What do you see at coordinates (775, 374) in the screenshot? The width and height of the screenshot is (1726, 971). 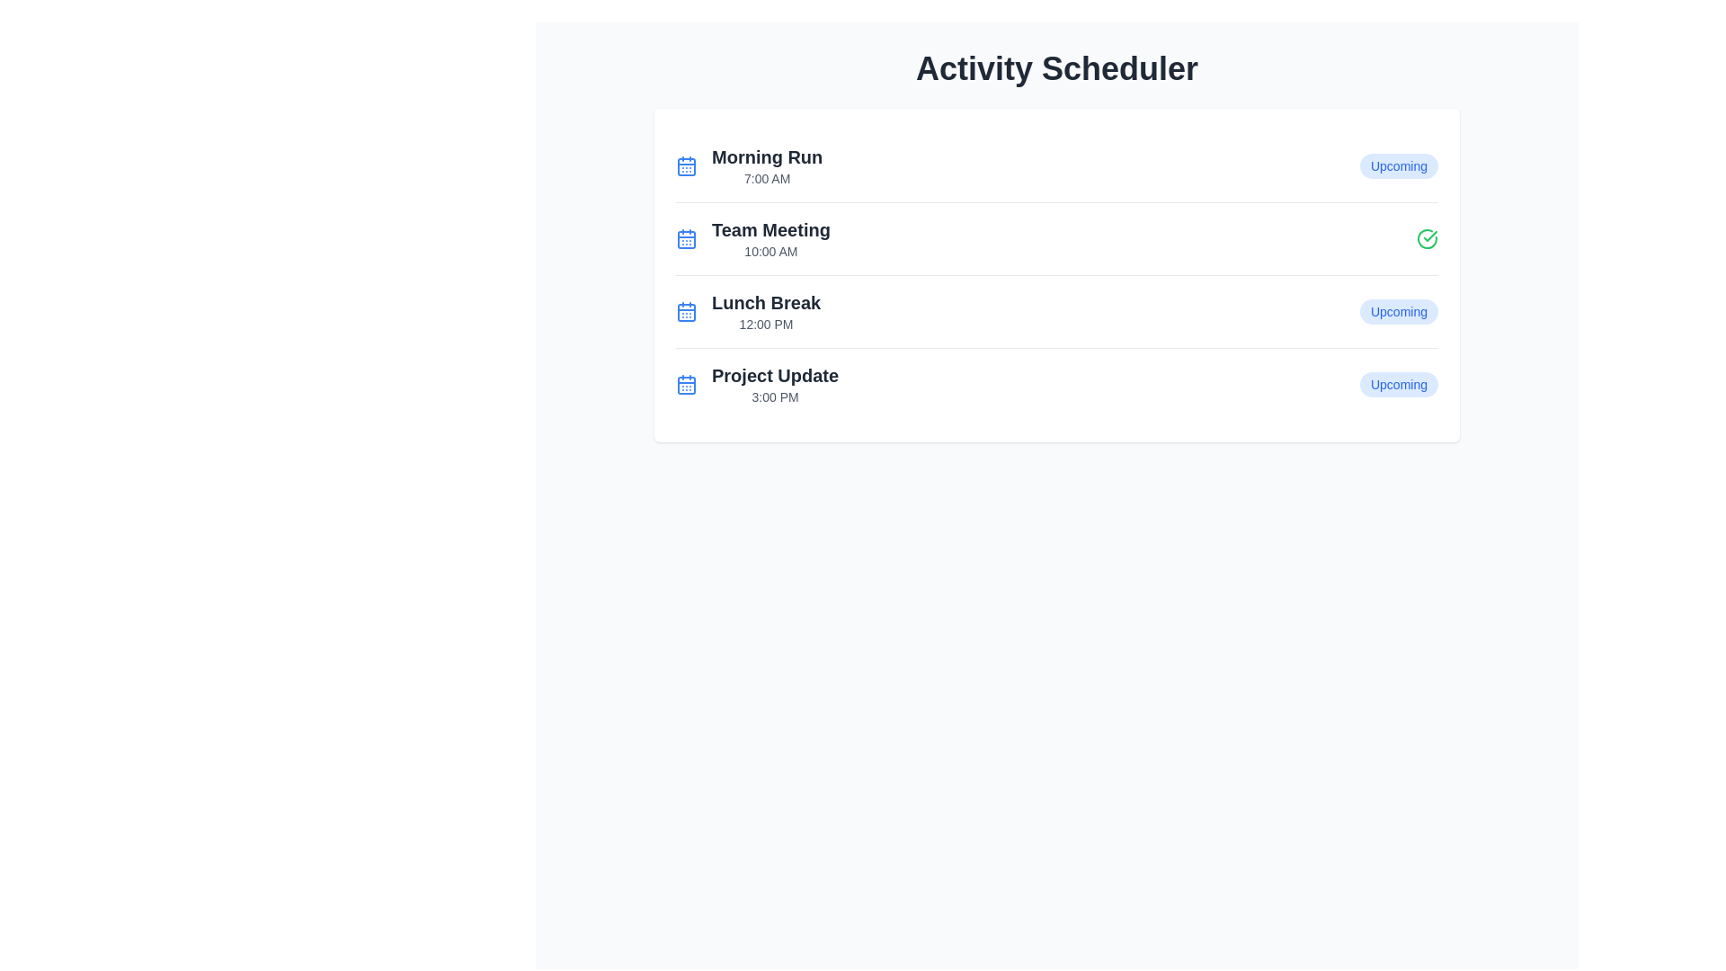 I see `the 'Project Update' text label, which is a large, bold, dark gray font title in the fourth row of scheduled activities` at bounding box center [775, 374].